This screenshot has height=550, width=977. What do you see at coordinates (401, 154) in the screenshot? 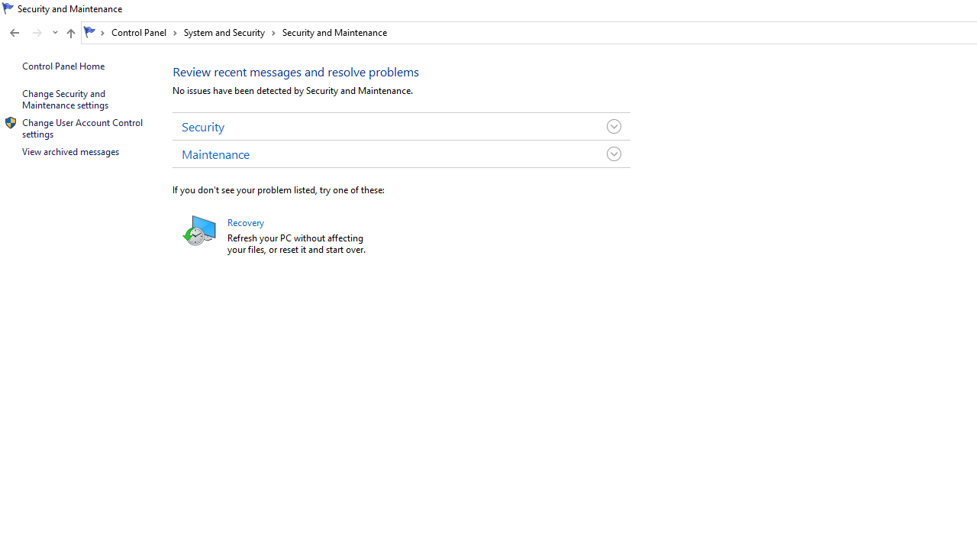
I see `'Maintenance'` at bounding box center [401, 154].